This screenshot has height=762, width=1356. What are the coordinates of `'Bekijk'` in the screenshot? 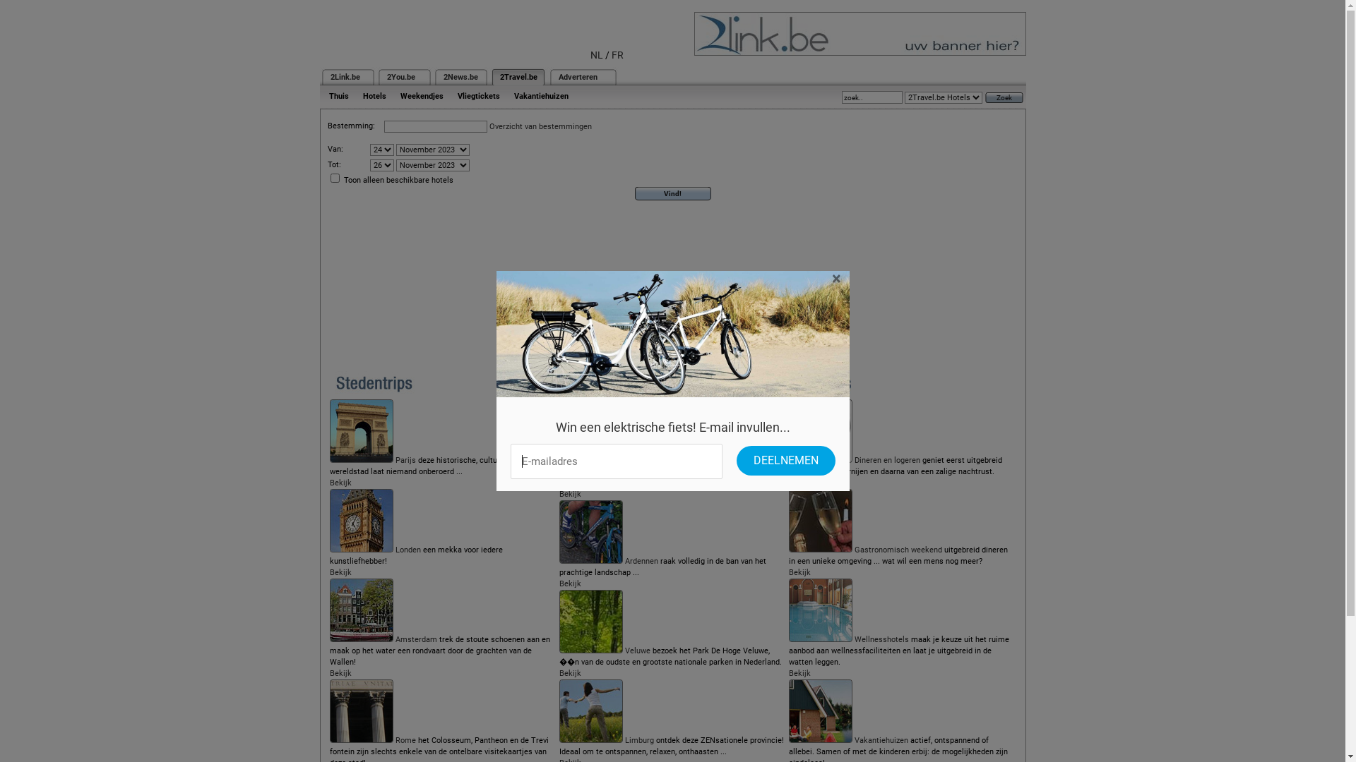 It's located at (799, 572).